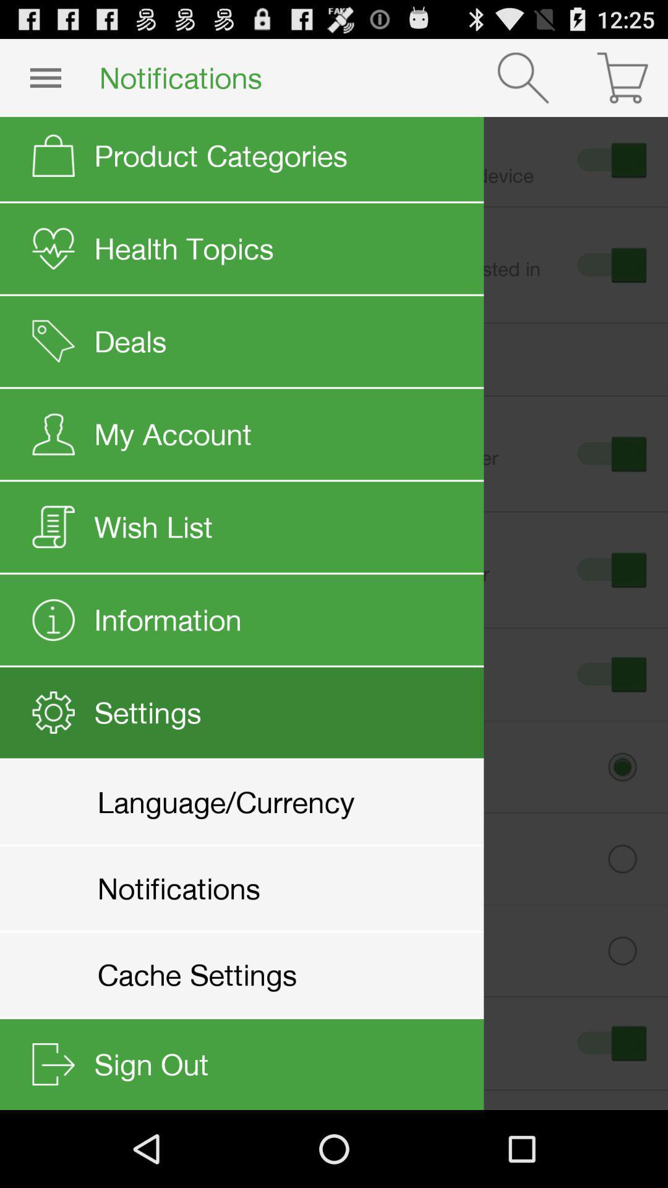 This screenshot has height=1188, width=668. I want to click on the button cache settings on the web page, so click(343, 950).